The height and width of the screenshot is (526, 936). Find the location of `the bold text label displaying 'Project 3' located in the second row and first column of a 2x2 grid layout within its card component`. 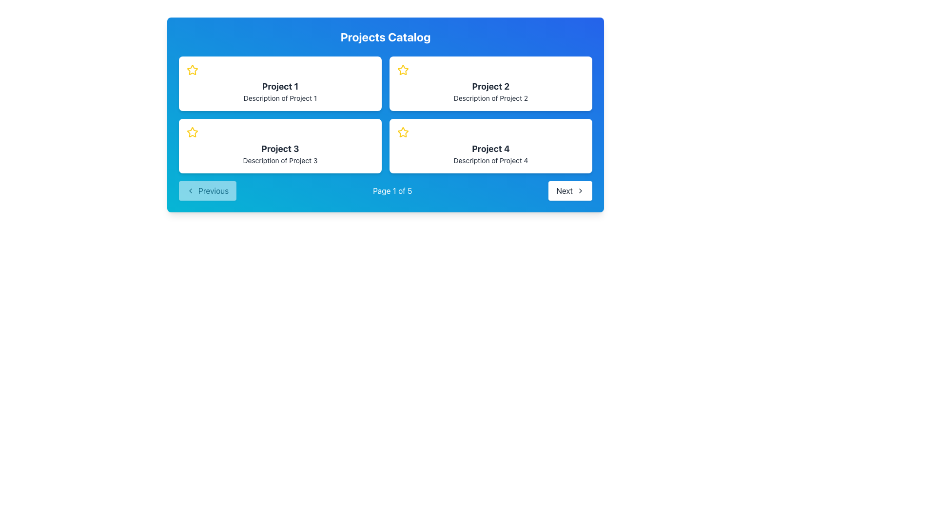

the bold text label displaying 'Project 3' located in the second row and first column of a 2x2 grid layout within its card component is located at coordinates (280, 149).